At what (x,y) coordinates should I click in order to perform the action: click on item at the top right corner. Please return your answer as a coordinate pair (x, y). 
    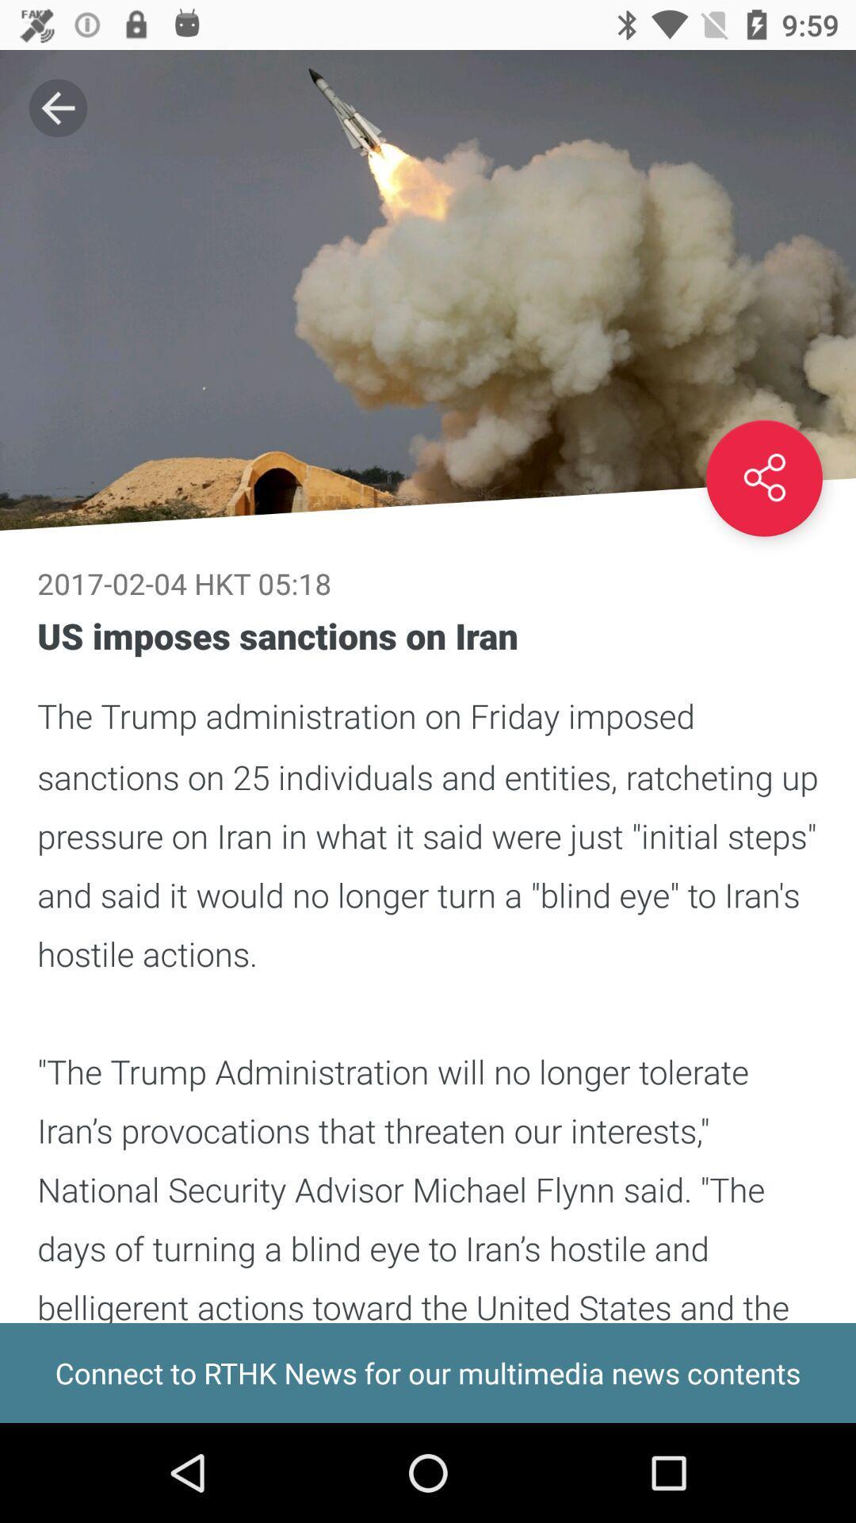
    Looking at the image, I should click on (763, 478).